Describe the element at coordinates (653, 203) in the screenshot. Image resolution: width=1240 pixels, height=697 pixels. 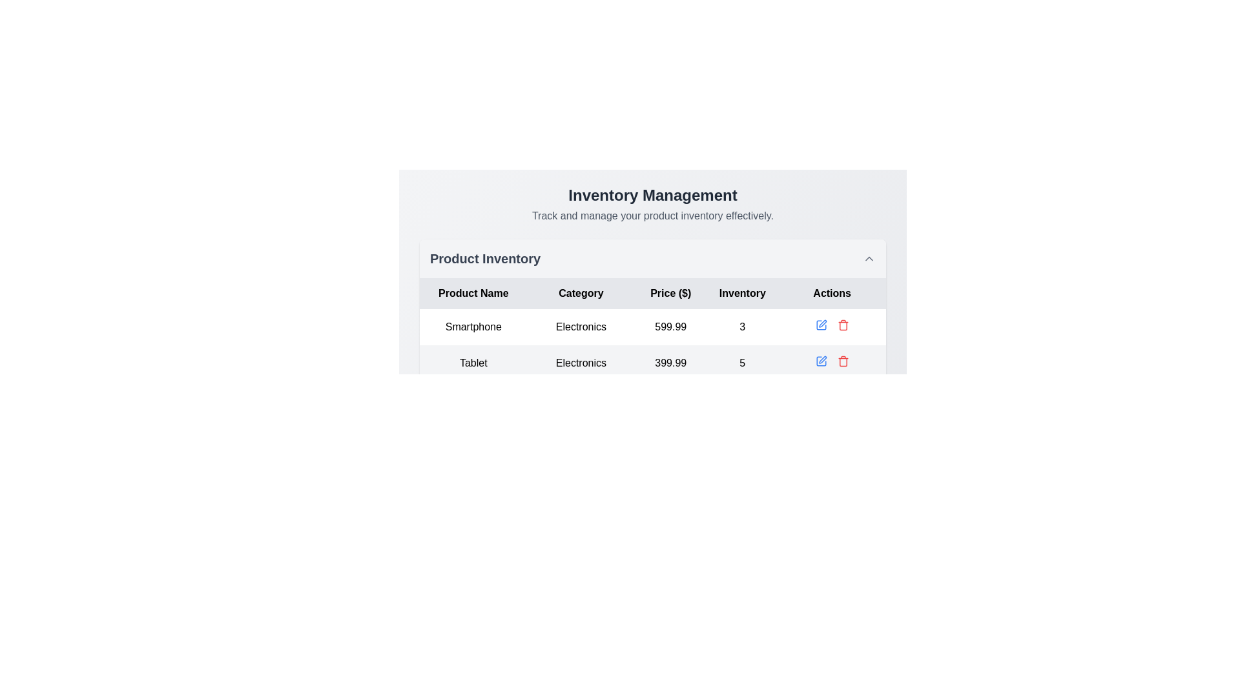
I see `the textual content that introduces and describes the purpose of the inventory management interface, located directly above the 'Product Inventory' section` at that location.